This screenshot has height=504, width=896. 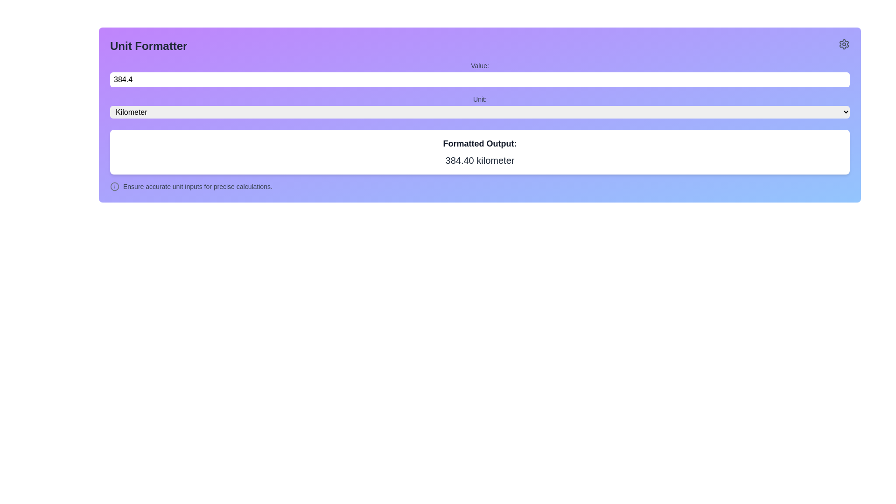 What do you see at coordinates (114, 187) in the screenshot?
I see `the informational icon located to the left of the text 'Ensure accurate unit inputs for precise calculations.'` at bounding box center [114, 187].